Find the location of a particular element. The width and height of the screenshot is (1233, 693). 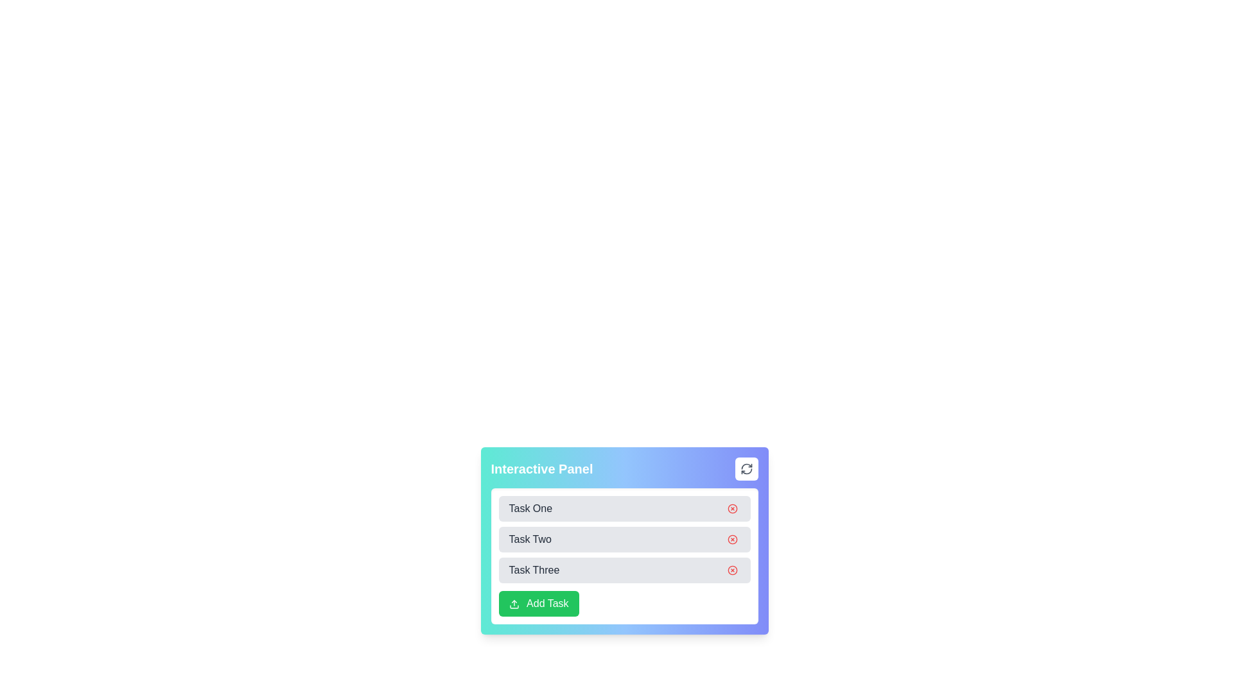

the delete button located on the far-right side of the task labeled 'Task Three' within the Interactive Panel is located at coordinates (732, 569).